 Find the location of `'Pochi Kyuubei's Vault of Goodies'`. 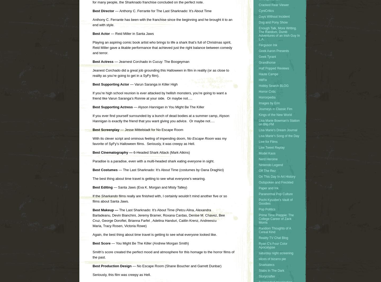

'Pochi Kyuubei's Vault of Goodies' is located at coordinates (275, 202).